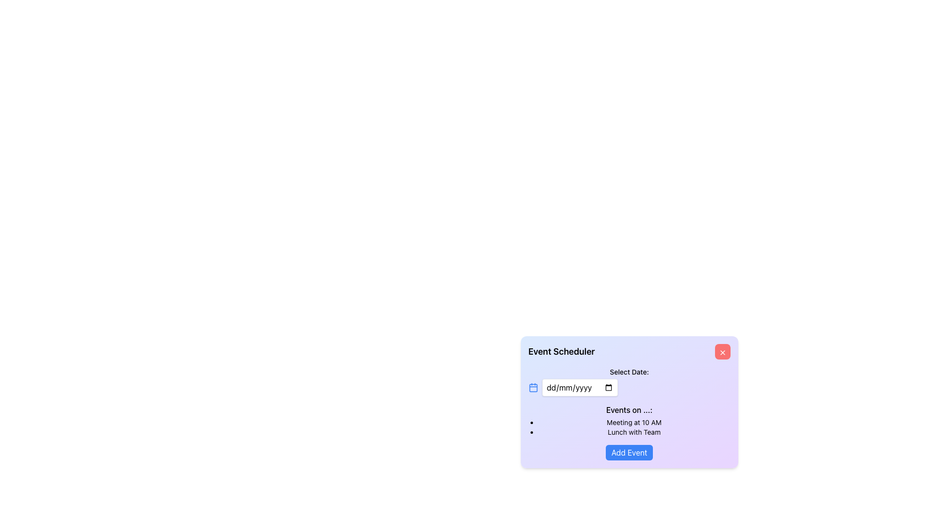  Describe the element at coordinates (580, 387) in the screenshot. I see `the Date Input Field located to the right of the calendar icon in the Event Scheduler interface` at that location.